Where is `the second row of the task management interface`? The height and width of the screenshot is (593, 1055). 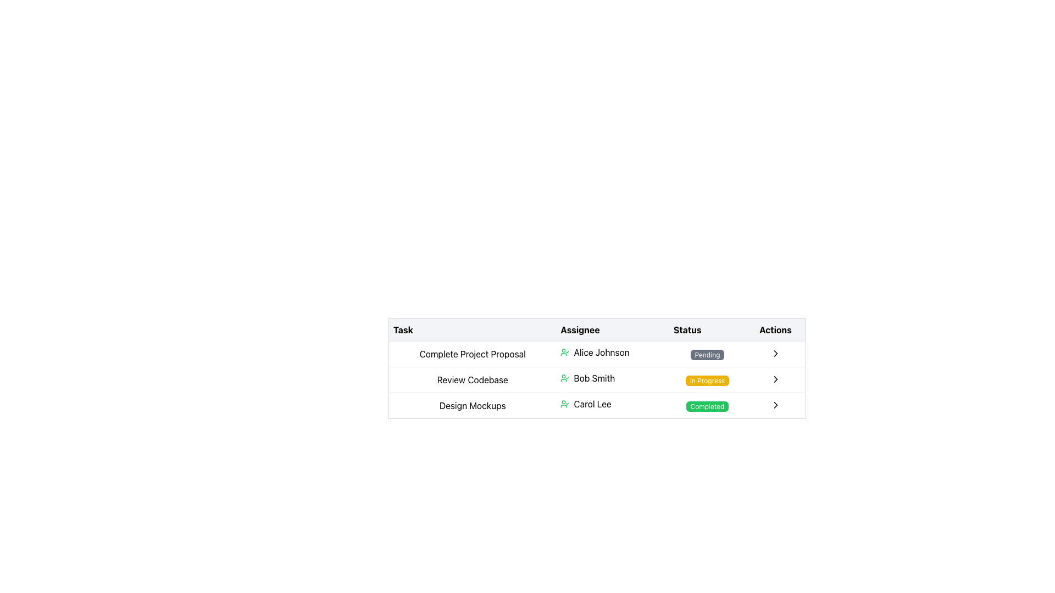 the second row of the task management interface is located at coordinates (596, 379).